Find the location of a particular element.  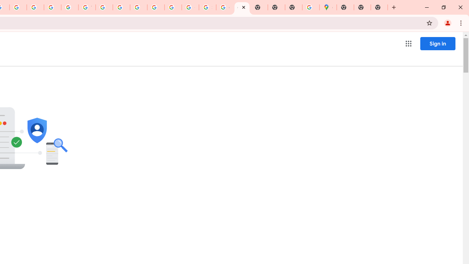

'Use Google Maps in Space - Google Maps Help' is located at coordinates (311, 7).